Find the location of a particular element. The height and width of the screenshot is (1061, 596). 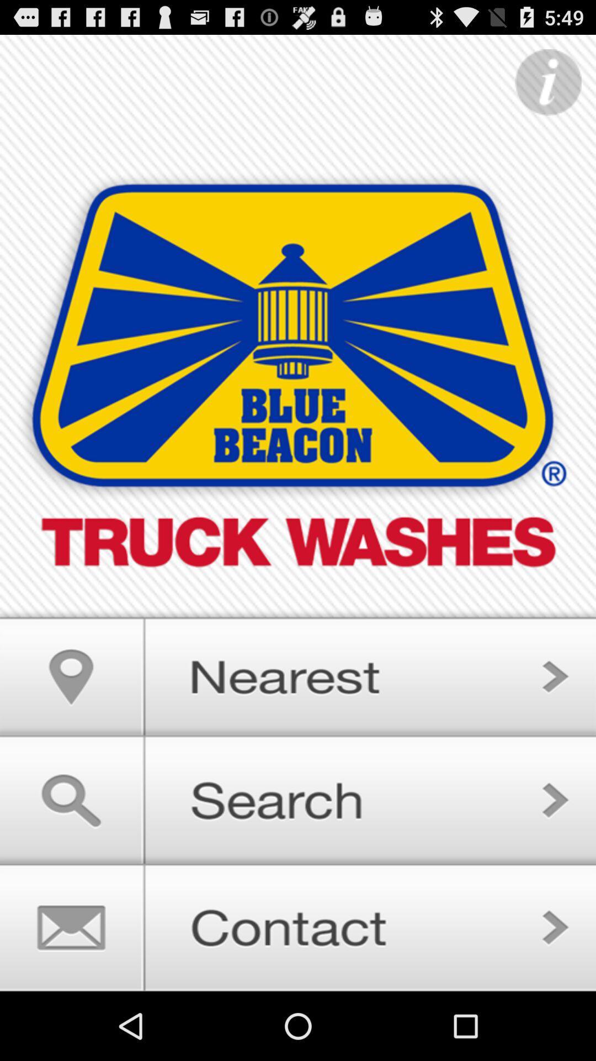

more closer is located at coordinates (298, 671).